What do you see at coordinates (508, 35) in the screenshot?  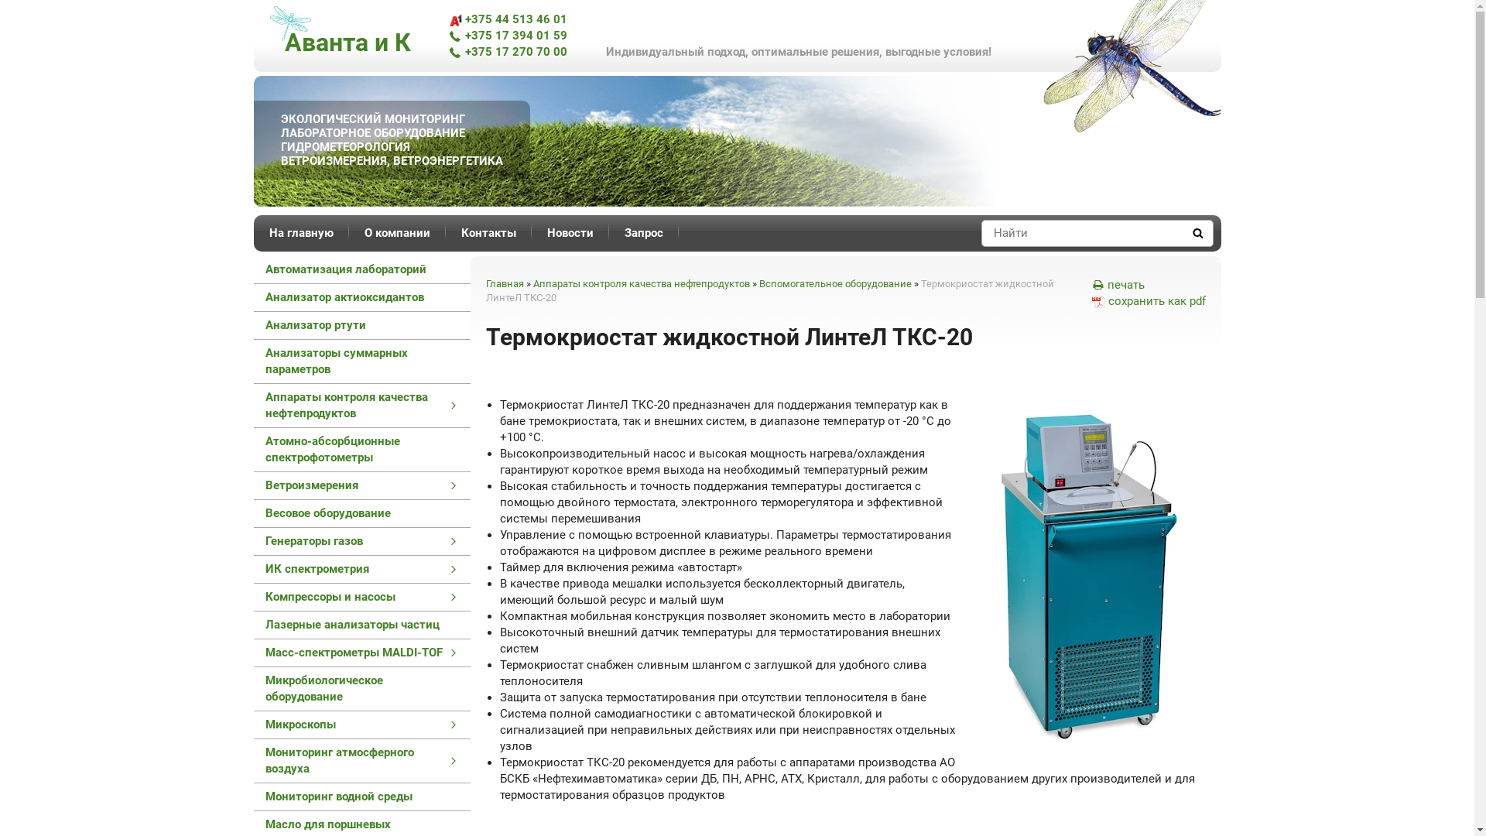 I see `'+375 17 394 01 59'` at bounding box center [508, 35].